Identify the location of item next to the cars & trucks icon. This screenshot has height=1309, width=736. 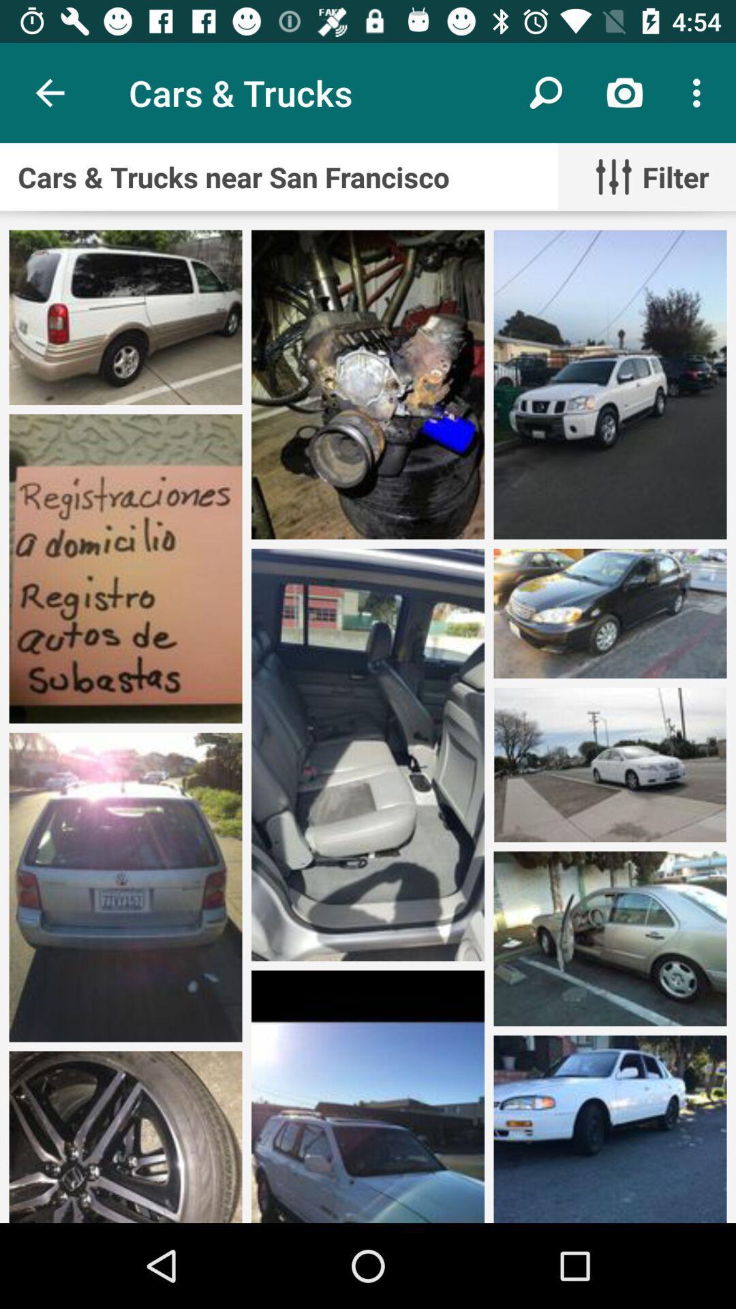
(49, 92).